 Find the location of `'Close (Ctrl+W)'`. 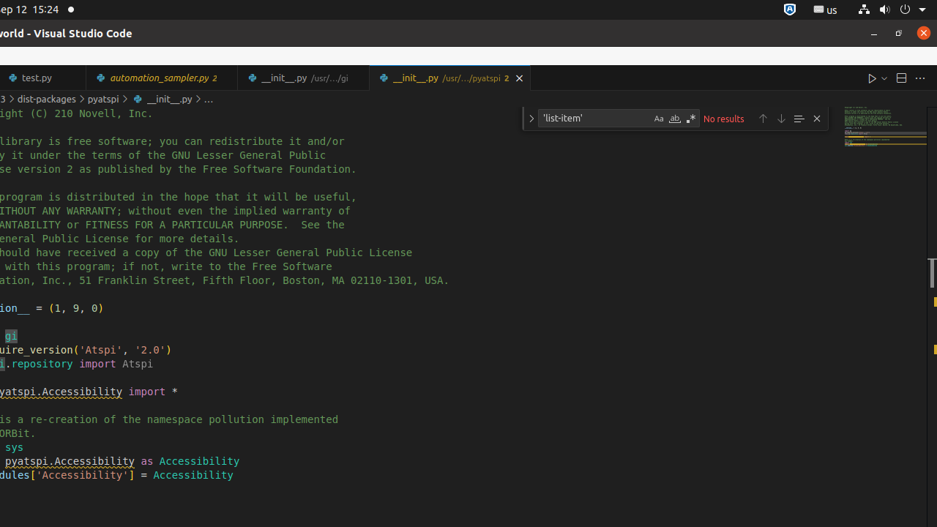

'Close (Ctrl+W)' is located at coordinates (519, 78).